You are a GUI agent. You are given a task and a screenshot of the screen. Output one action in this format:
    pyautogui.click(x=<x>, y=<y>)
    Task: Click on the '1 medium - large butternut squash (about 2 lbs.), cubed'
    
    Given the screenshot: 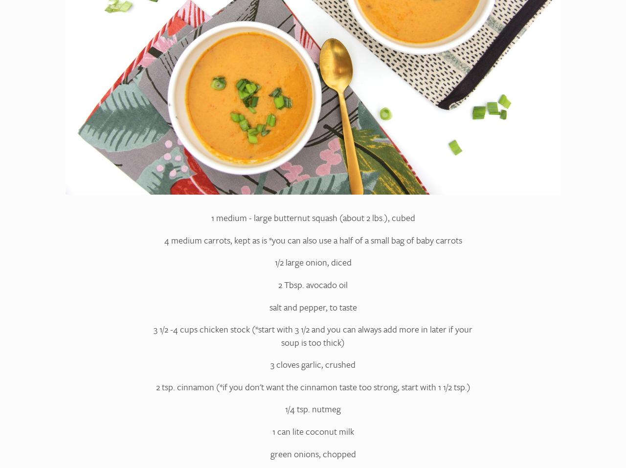 What is the action you would take?
    pyautogui.click(x=312, y=217)
    